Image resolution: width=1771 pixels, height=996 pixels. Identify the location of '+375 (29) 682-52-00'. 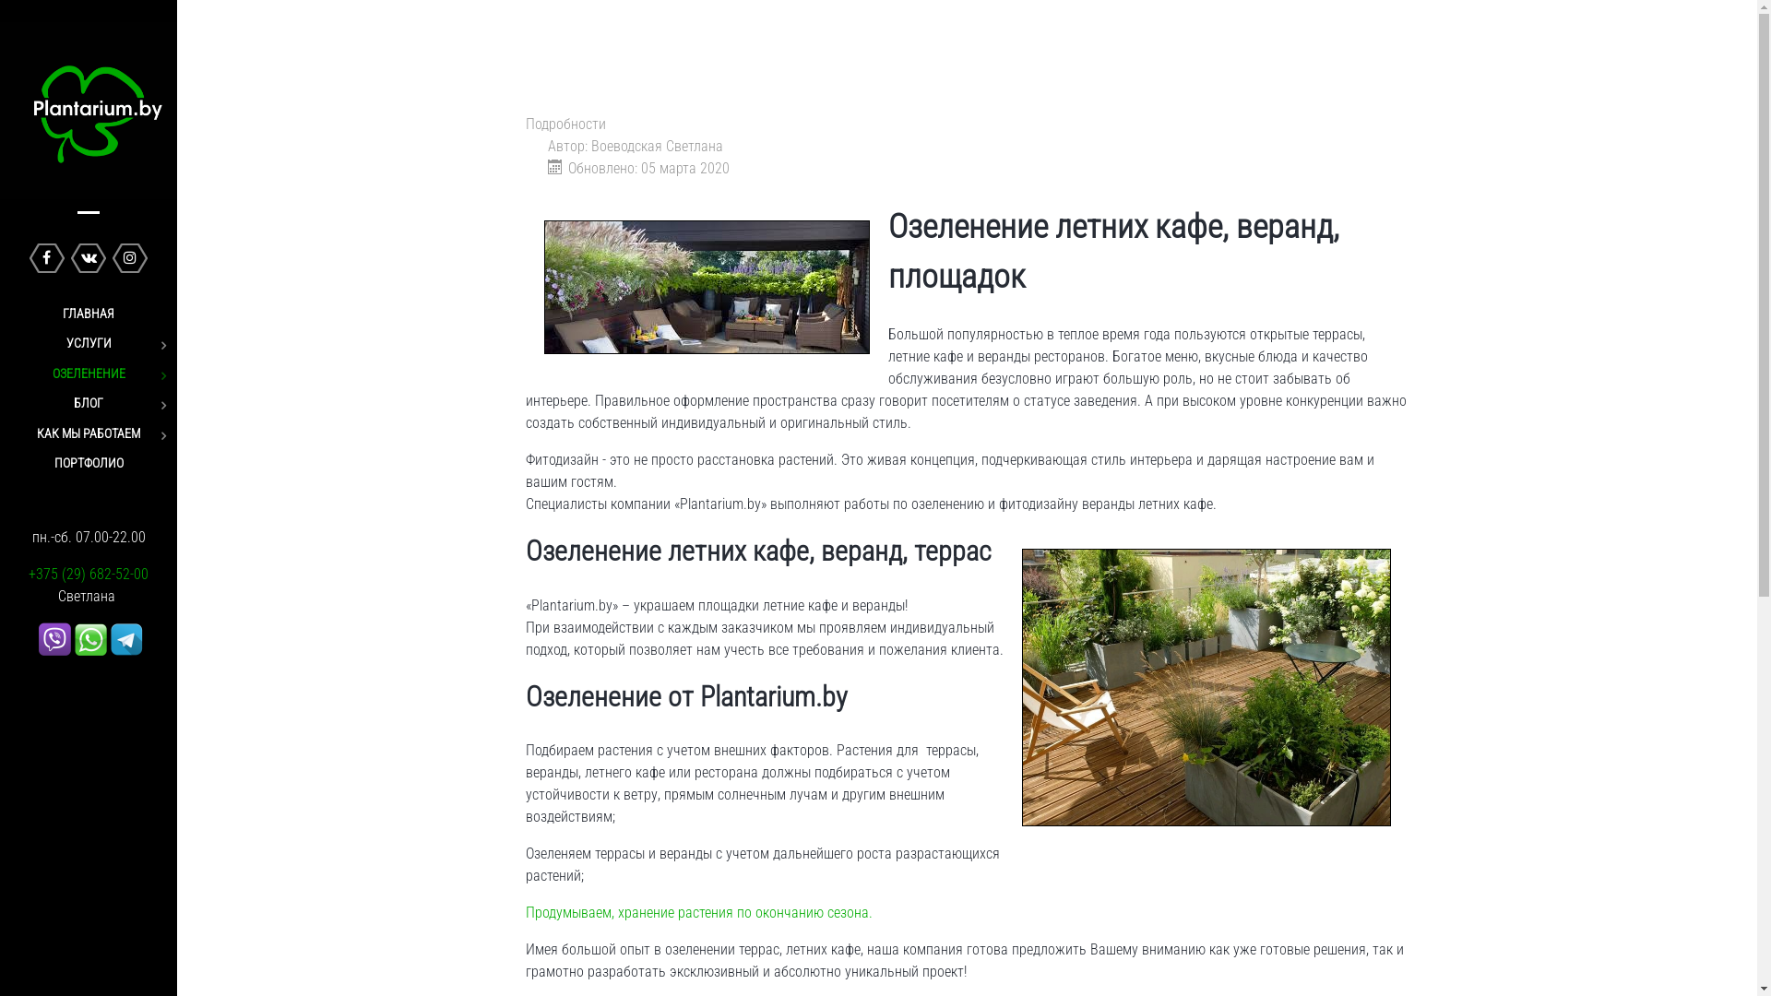
(28, 573).